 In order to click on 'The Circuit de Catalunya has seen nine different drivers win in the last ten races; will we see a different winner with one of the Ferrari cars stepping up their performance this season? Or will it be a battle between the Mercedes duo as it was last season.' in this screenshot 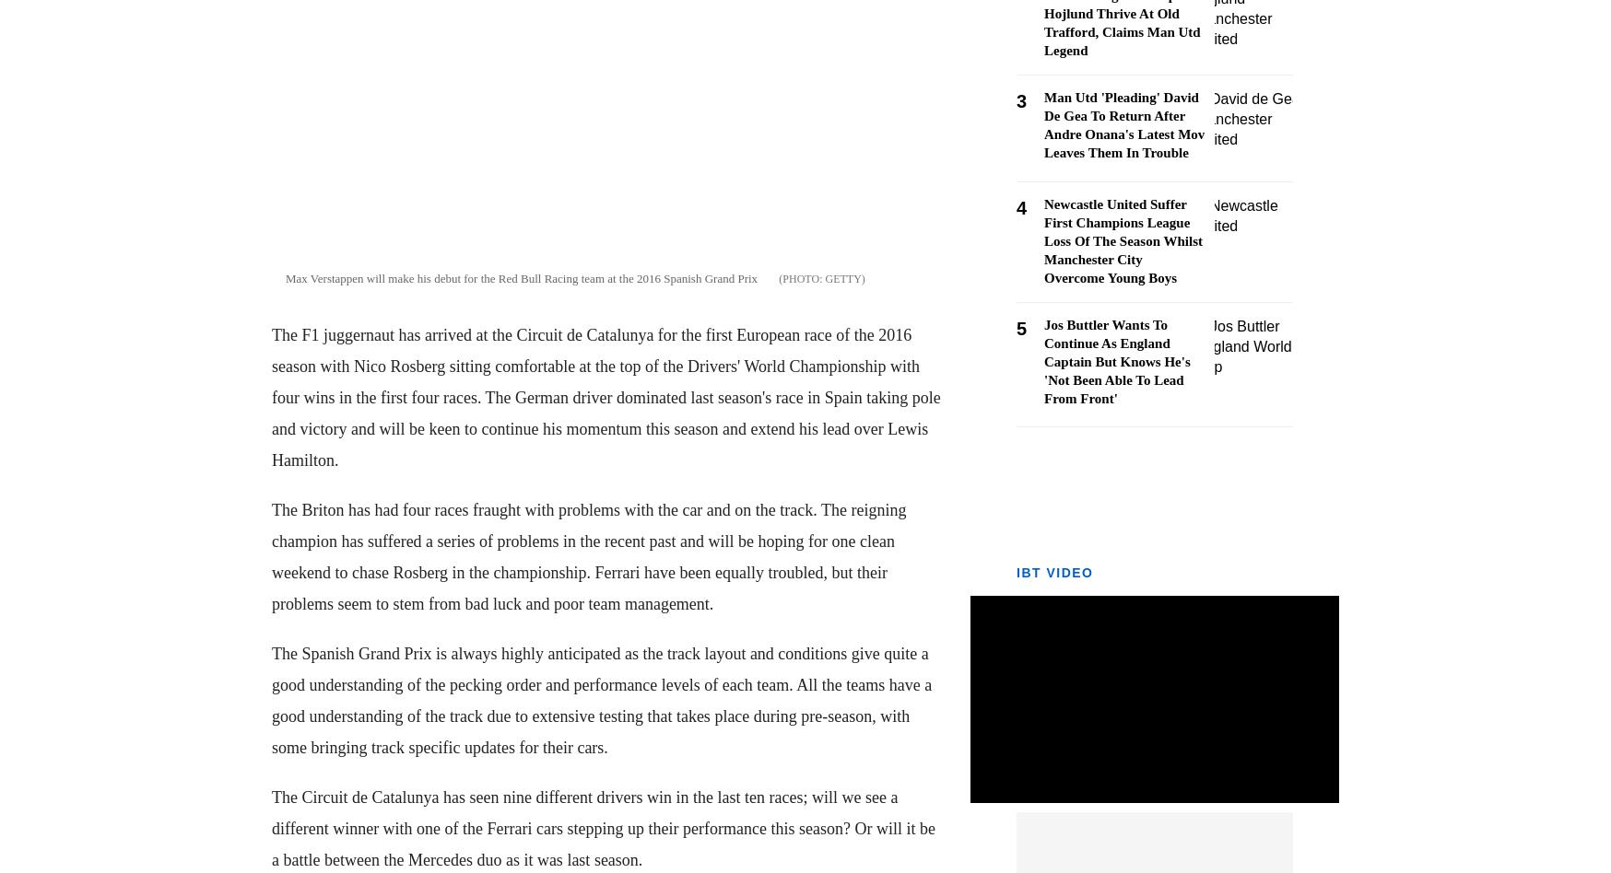, I will do `click(602, 828)`.